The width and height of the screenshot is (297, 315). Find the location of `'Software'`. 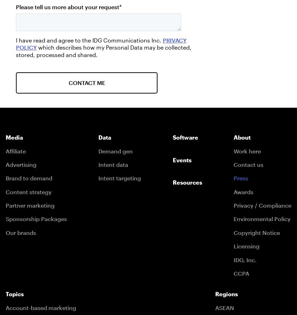

'Software' is located at coordinates (185, 137).